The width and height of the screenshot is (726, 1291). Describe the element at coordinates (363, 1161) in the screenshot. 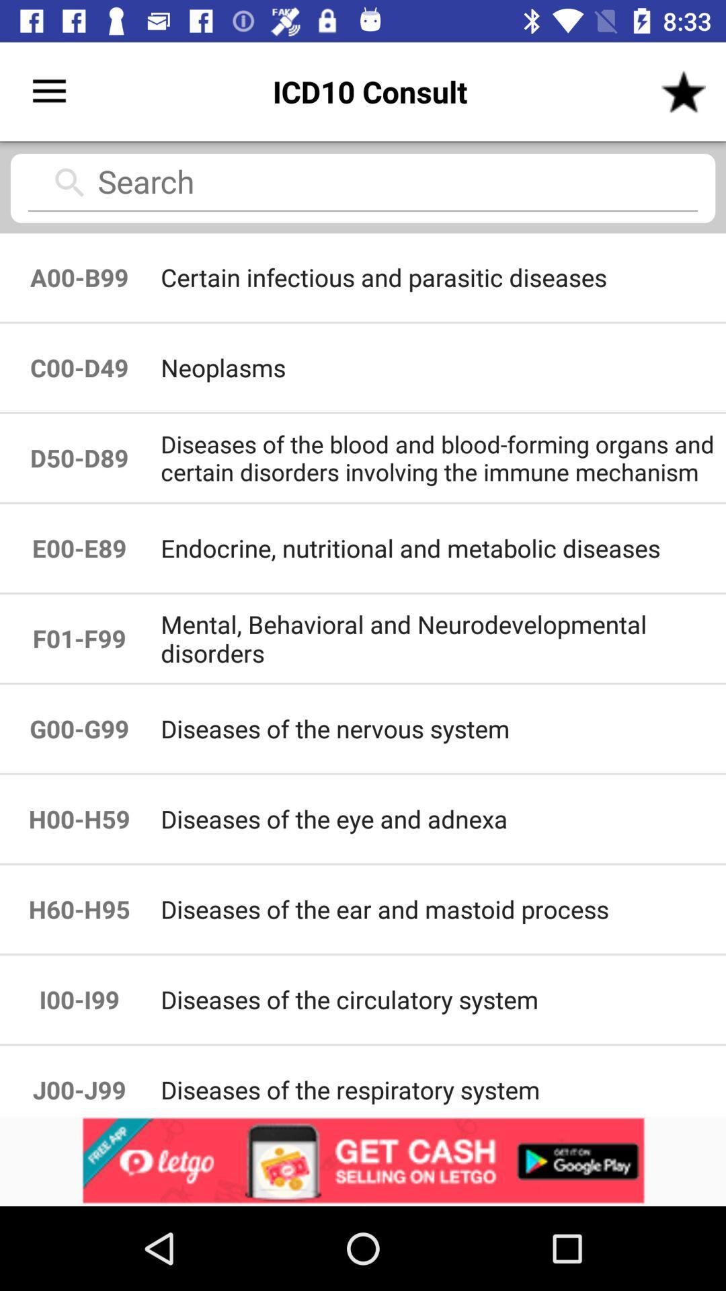

I see `it pop up add` at that location.